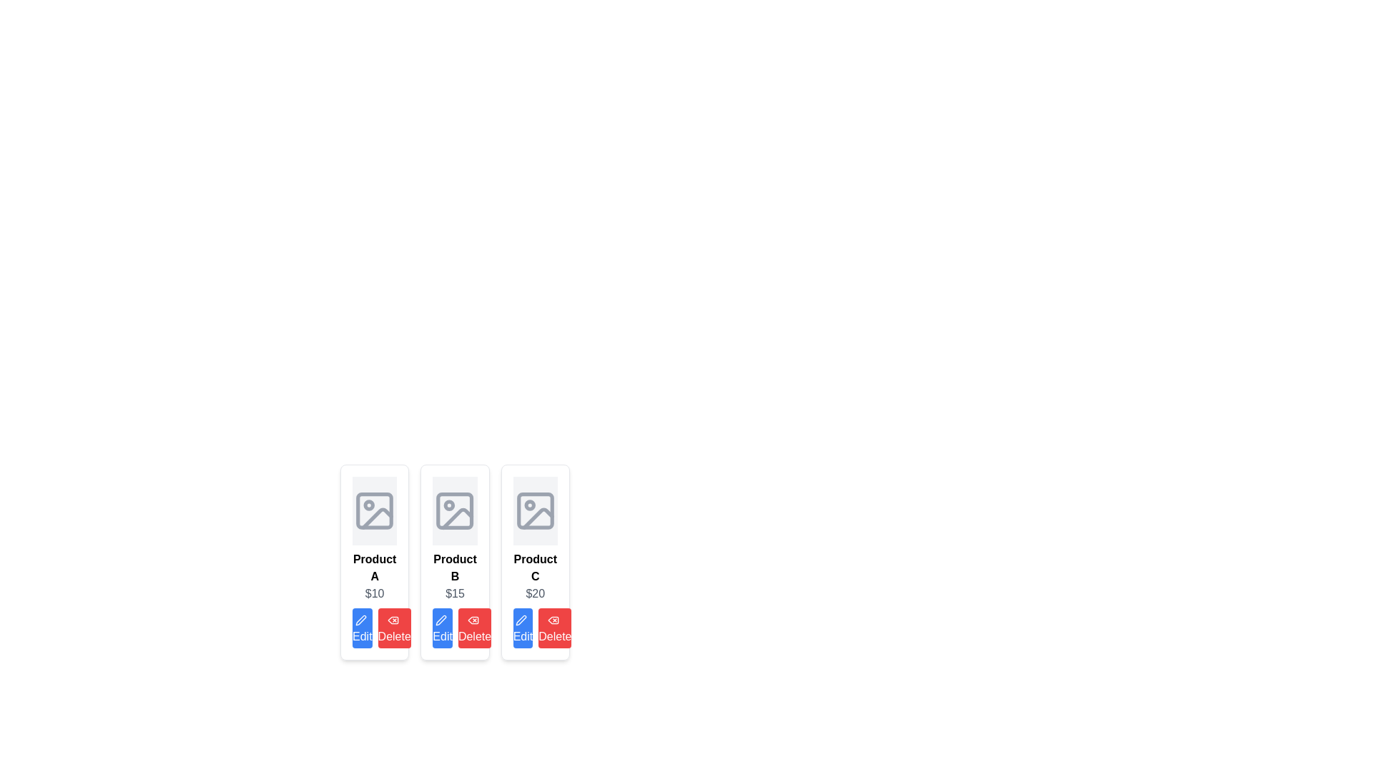  What do you see at coordinates (393, 619) in the screenshot?
I see `the delete icon located in the bottom-right corner of the product card, which represents the functionality to remove the associated product` at bounding box center [393, 619].